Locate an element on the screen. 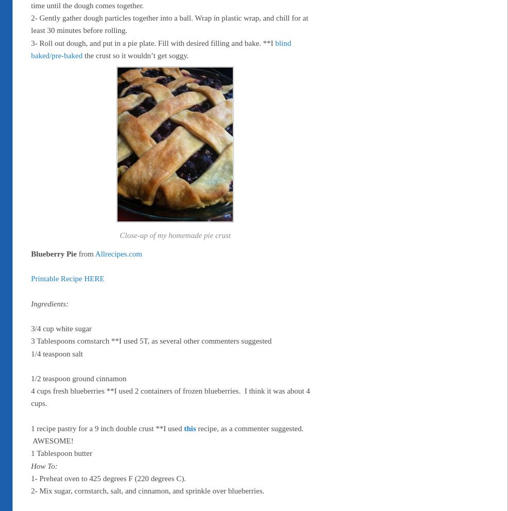 The width and height of the screenshot is (508, 511). '1 Tablespoon butter' is located at coordinates (61, 453).